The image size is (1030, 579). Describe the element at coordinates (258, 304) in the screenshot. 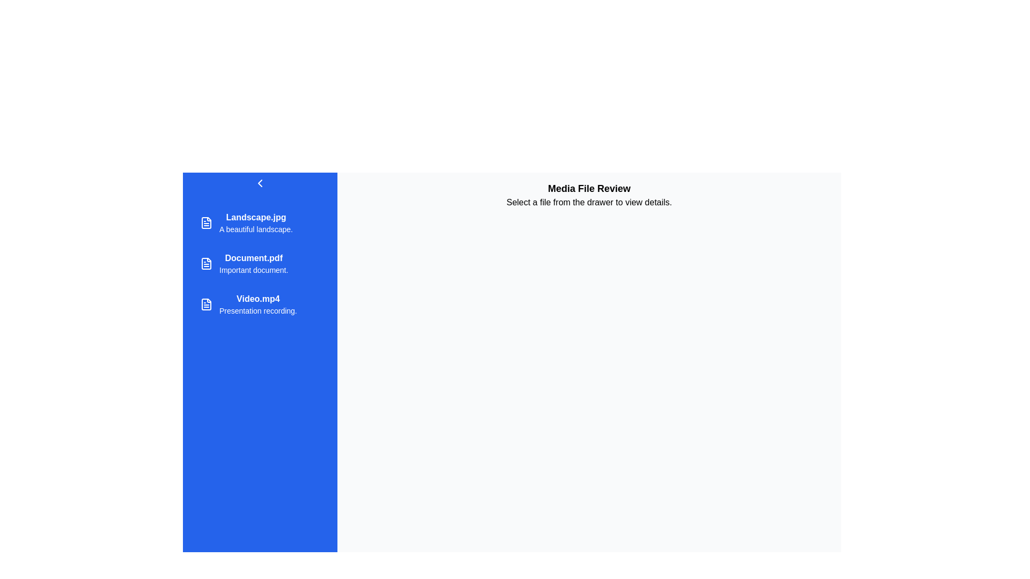

I see `the list item labeled 'Video.mp4' with the description 'Presentation recording.' located in the left sidebar menu, specifically the third entry in the vertical list` at that location.